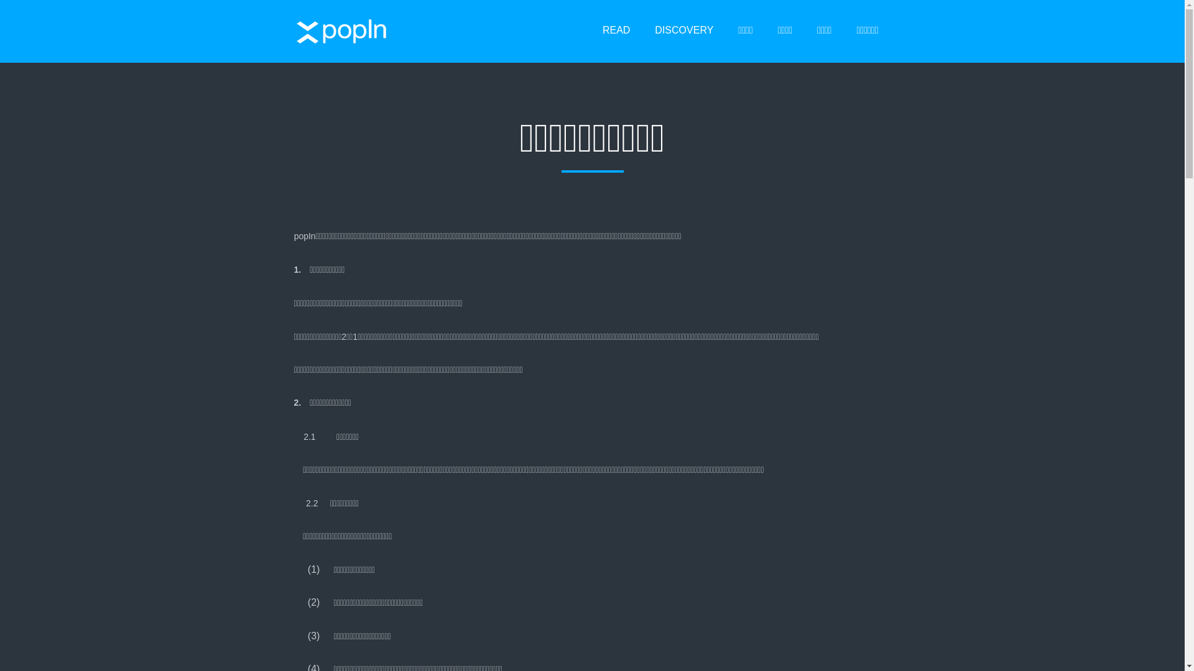 The width and height of the screenshot is (1194, 671). Describe the element at coordinates (683, 30) in the screenshot. I see `'DISCOVERY'` at that location.